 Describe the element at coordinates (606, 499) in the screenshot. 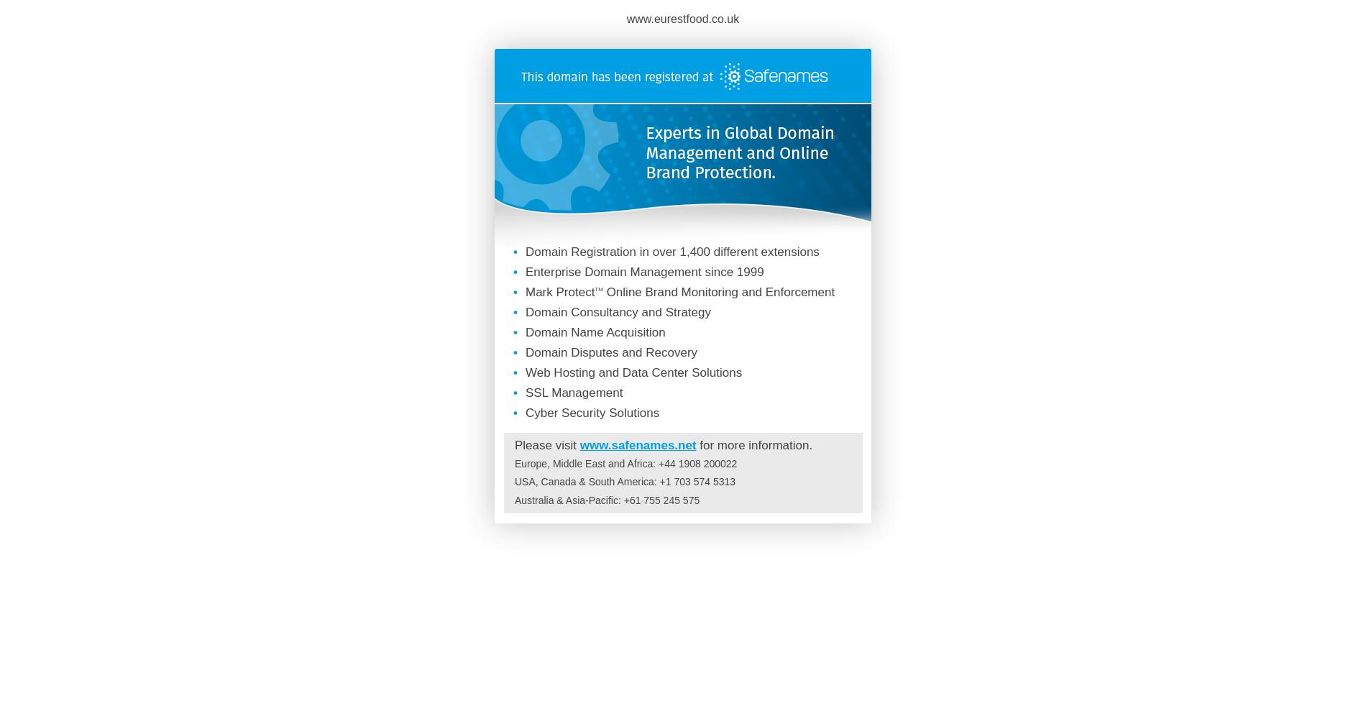

I see `'Australia & Asia-Pacific: +61 755 245 575'` at that location.